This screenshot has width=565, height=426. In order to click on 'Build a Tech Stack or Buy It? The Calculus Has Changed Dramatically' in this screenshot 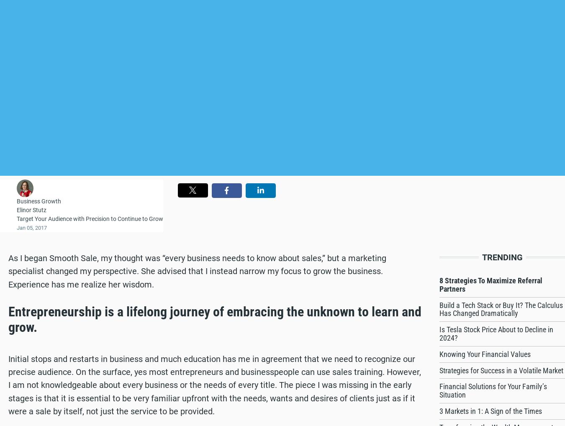, I will do `click(501, 308)`.